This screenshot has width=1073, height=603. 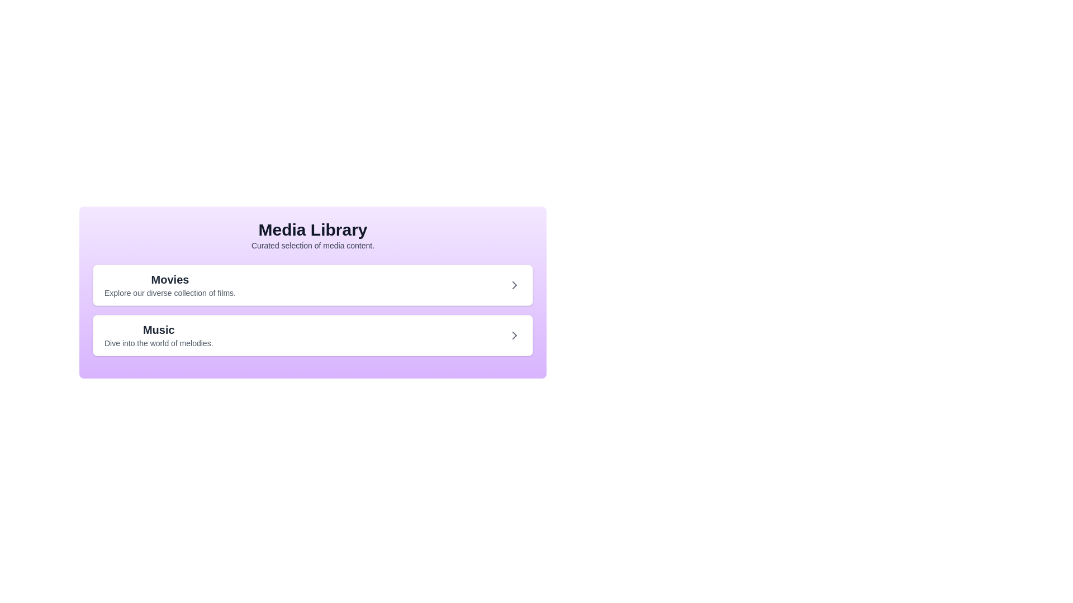 I want to click on the chevron icon located at the far-right end of the 'Music' item, so click(x=514, y=335).